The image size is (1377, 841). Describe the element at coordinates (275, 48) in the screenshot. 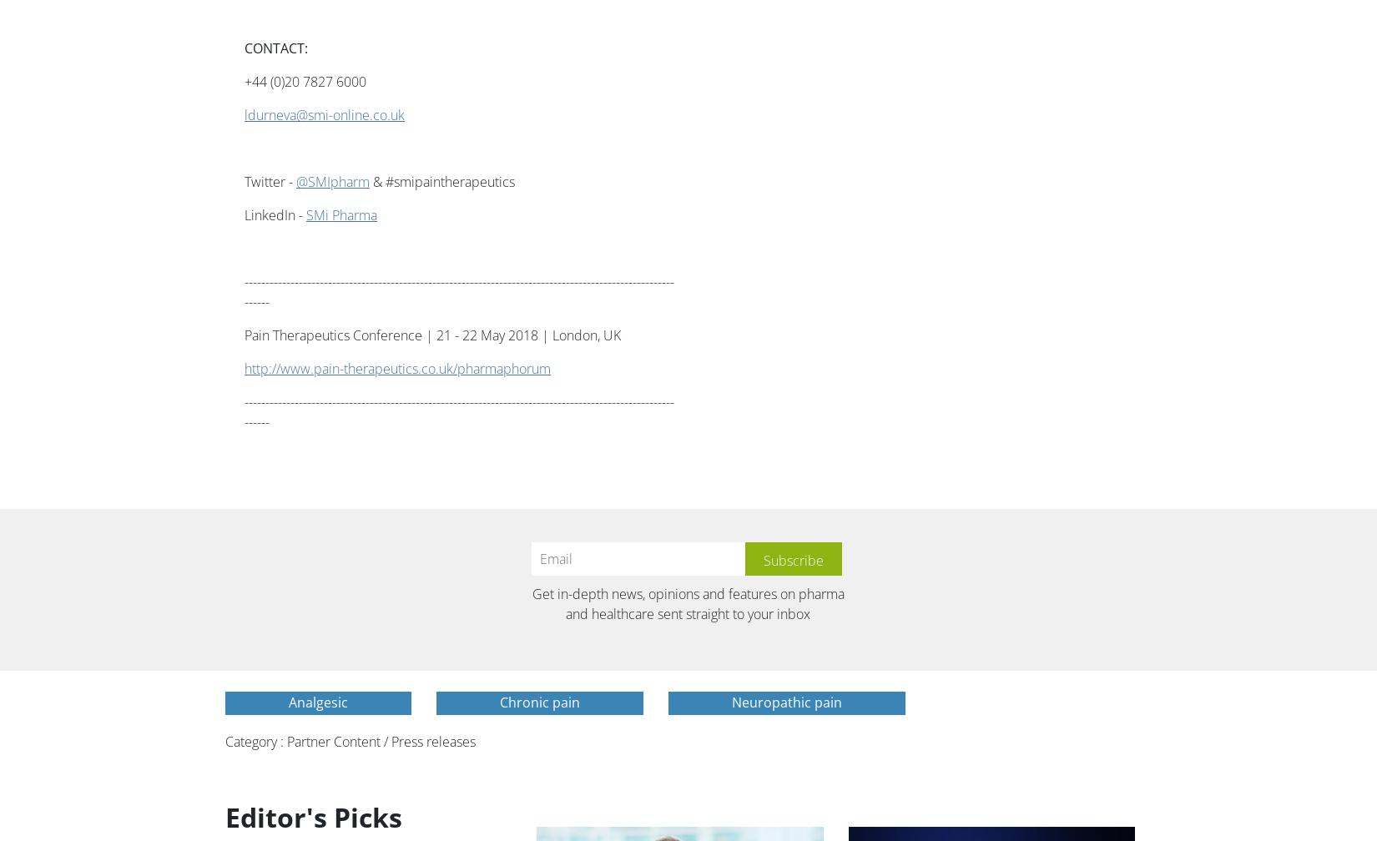

I see `'CONTACT:'` at that location.